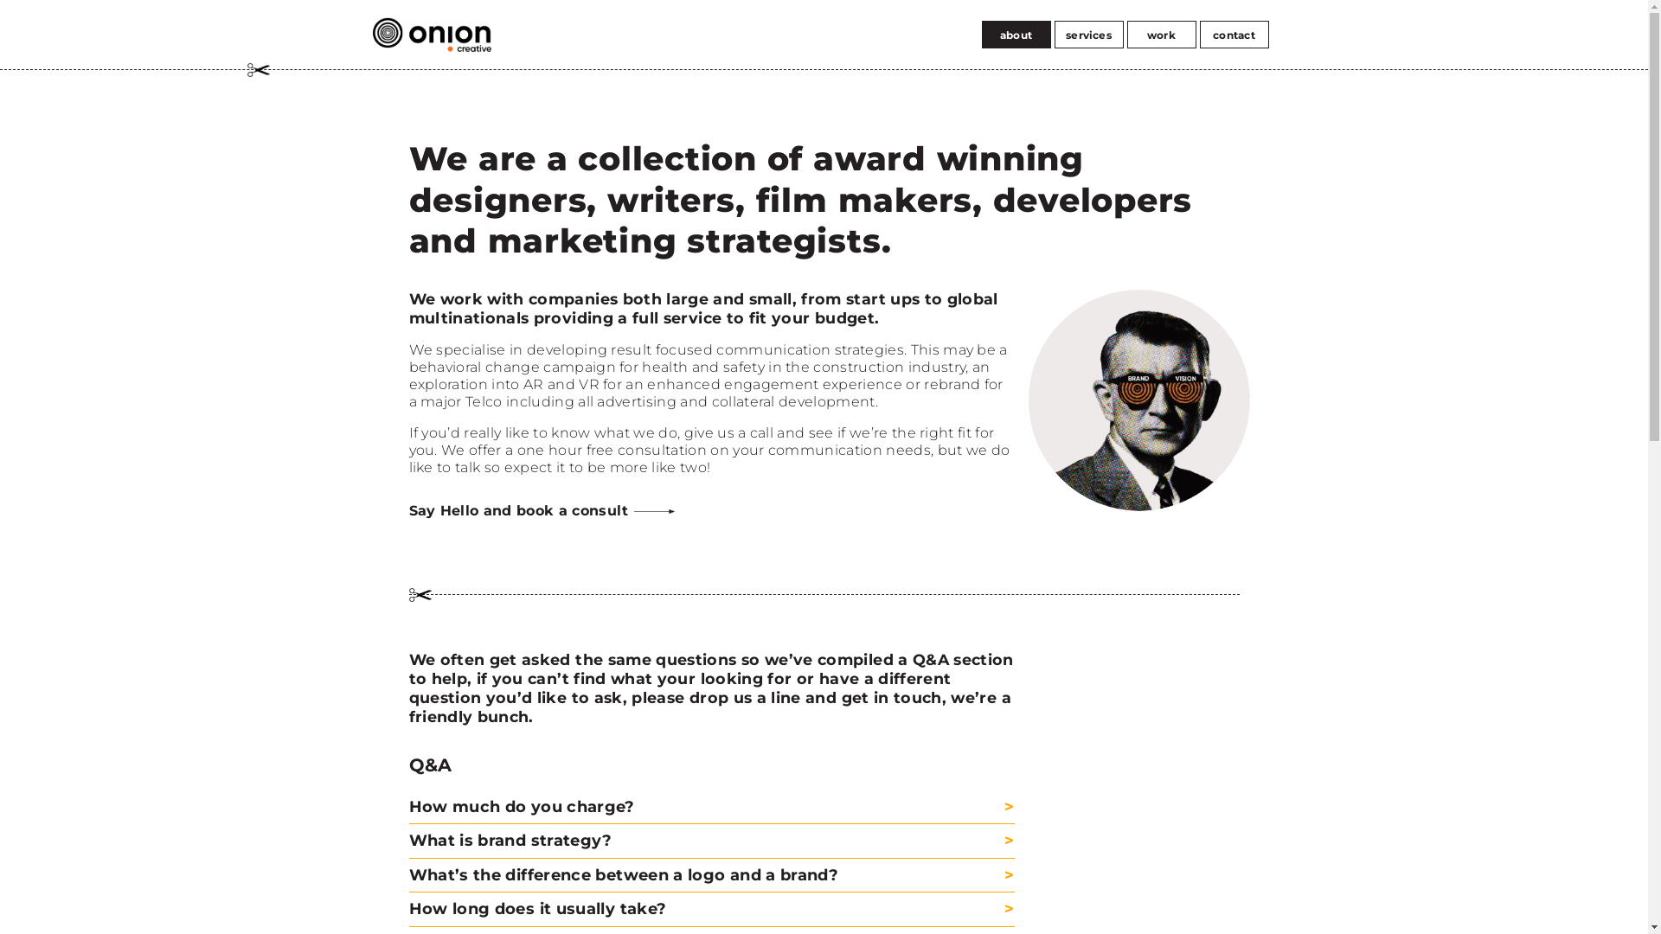 This screenshot has width=1661, height=934. Describe the element at coordinates (1016, 34) in the screenshot. I see `'about'` at that location.